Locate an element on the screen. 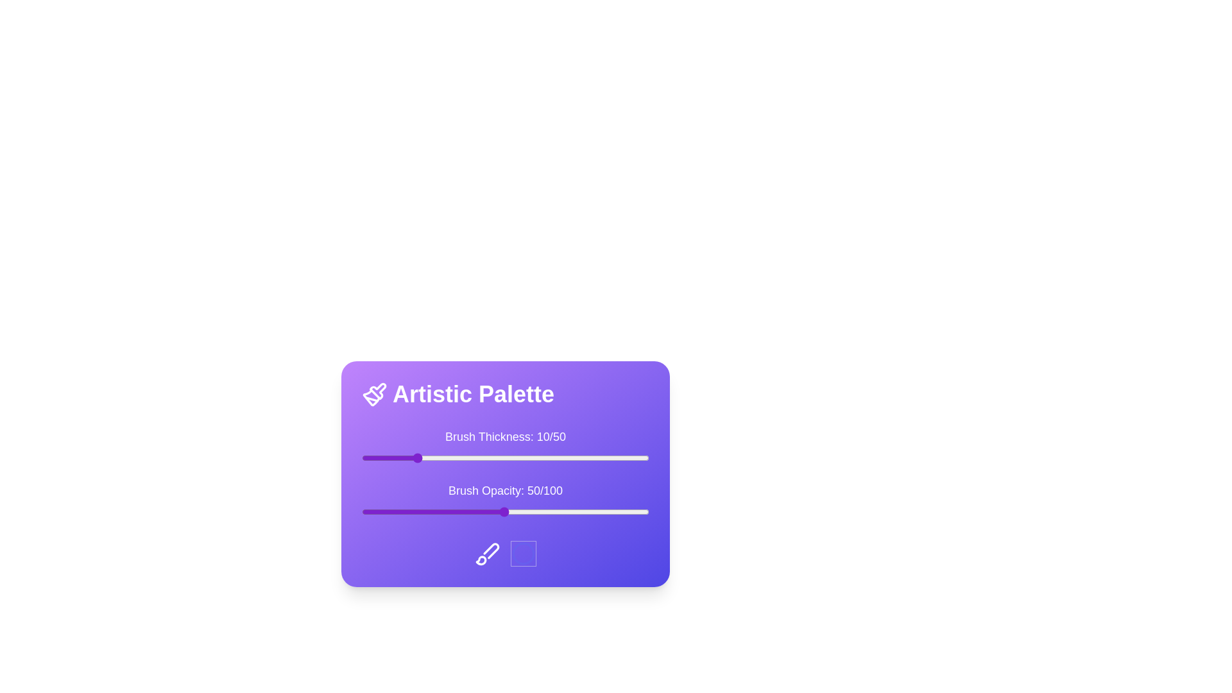  the paintbrush icon within the Artistic Palette component is located at coordinates (374, 393).